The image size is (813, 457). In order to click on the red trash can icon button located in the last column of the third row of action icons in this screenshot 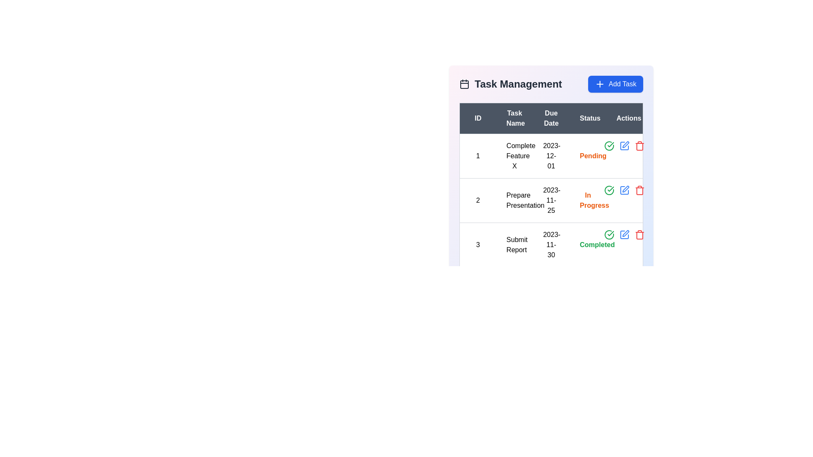, I will do `click(639, 235)`.